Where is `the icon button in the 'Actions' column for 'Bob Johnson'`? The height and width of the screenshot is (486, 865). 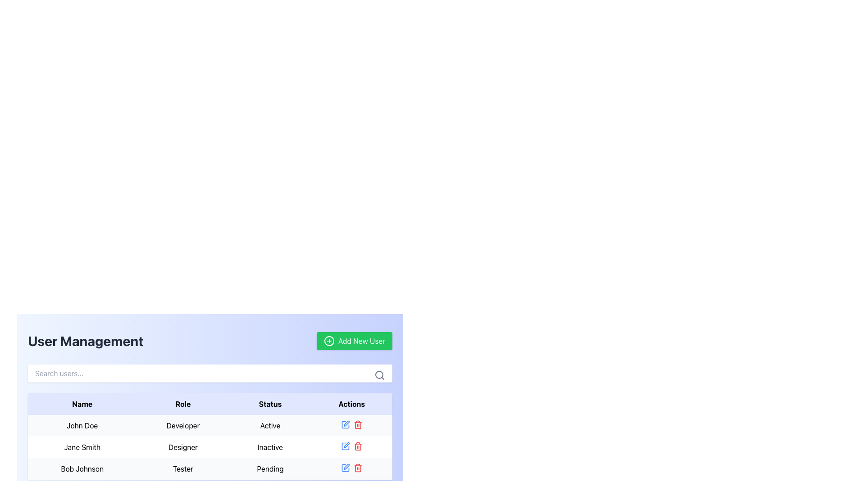 the icon button in the 'Actions' column for 'Bob Johnson' is located at coordinates (357, 468).